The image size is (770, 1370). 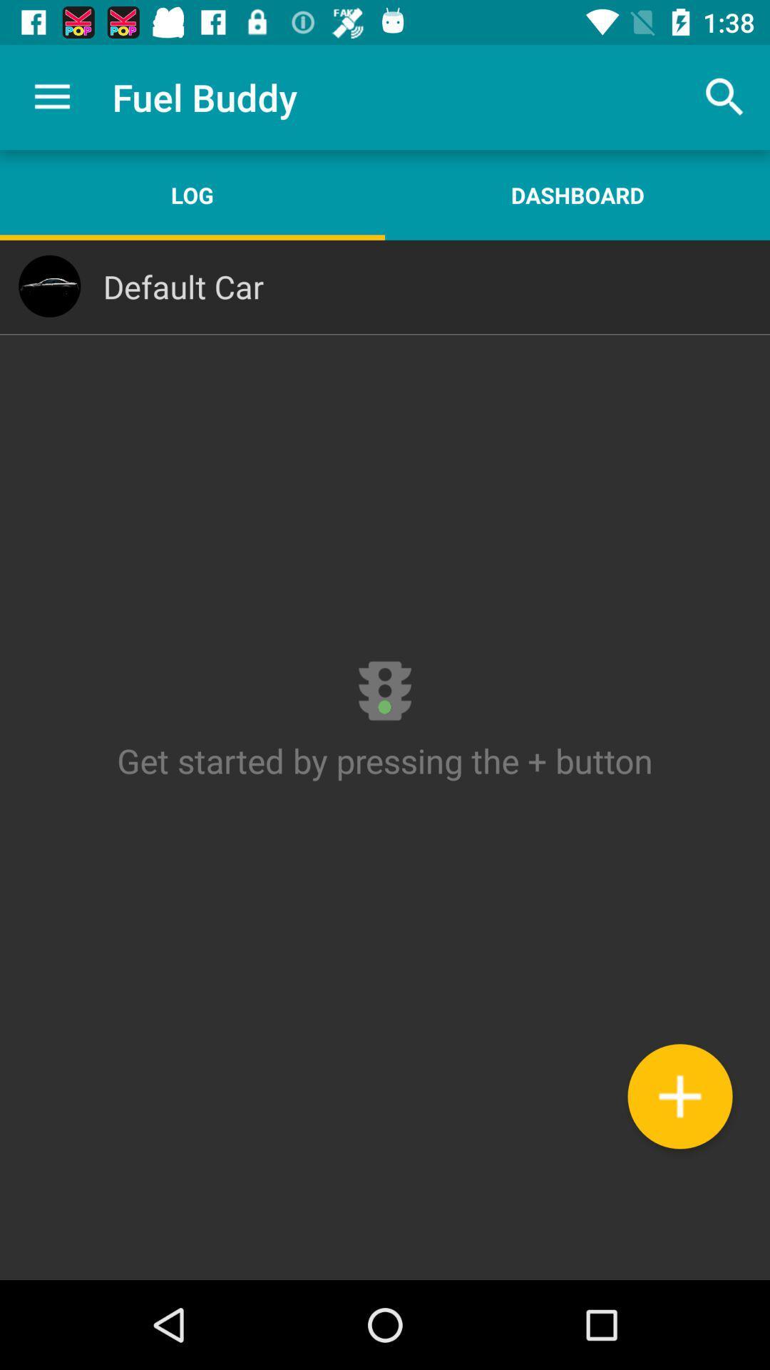 I want to click on contact, so click(x=679, y=1095).